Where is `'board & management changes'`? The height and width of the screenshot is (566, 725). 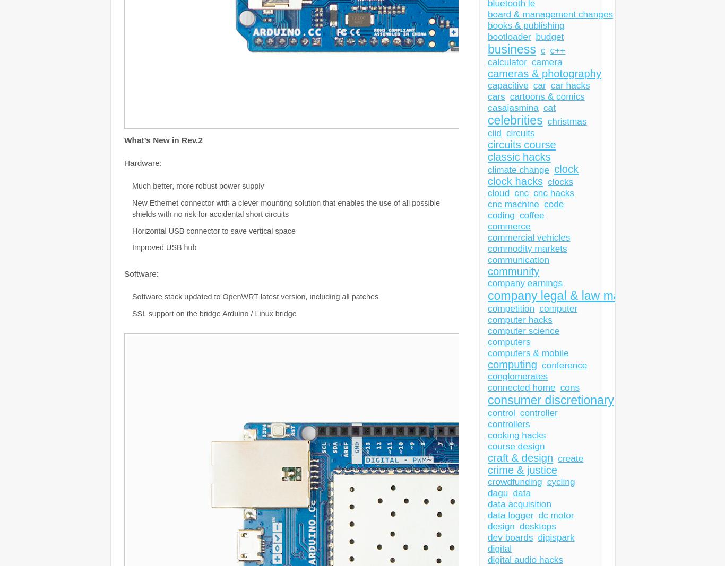 'board & management changes' is located at coordinates (550, 14).